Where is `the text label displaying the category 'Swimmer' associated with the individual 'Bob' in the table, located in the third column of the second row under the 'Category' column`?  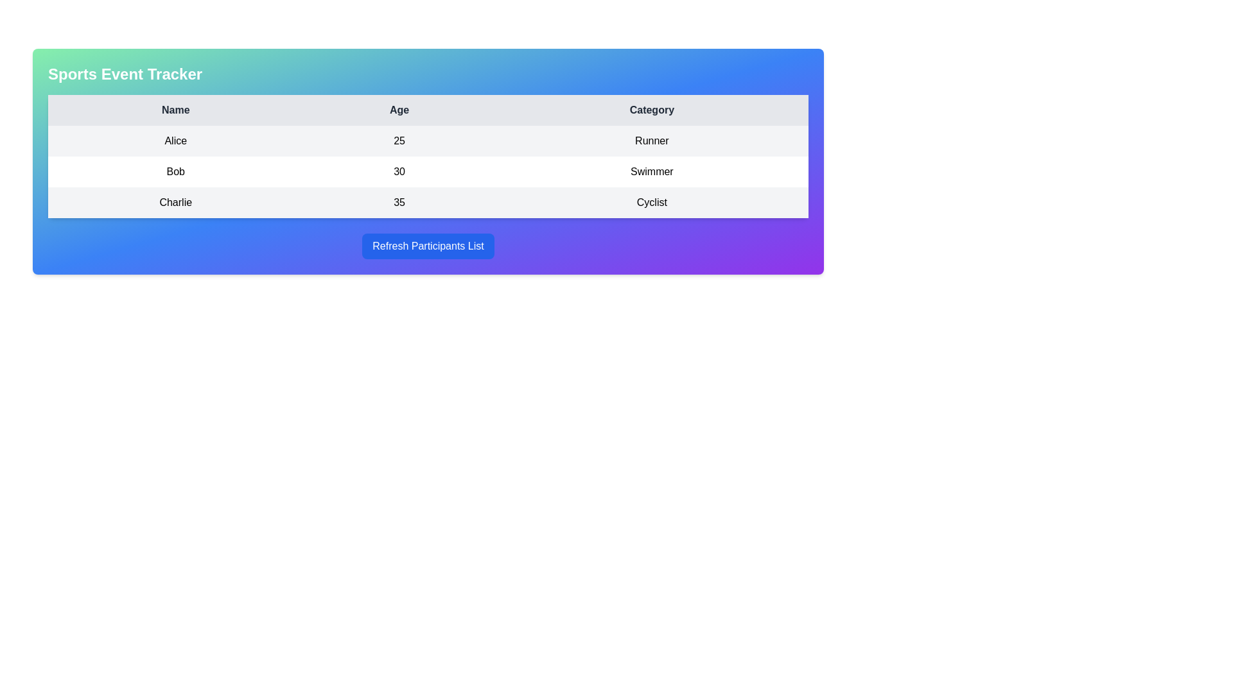
the text label displaying the category 'Swimmer' associated with the individual 'Bob' in the table, located in the third column of the second row under the 'Category' column is located at coordinates (652, 171).